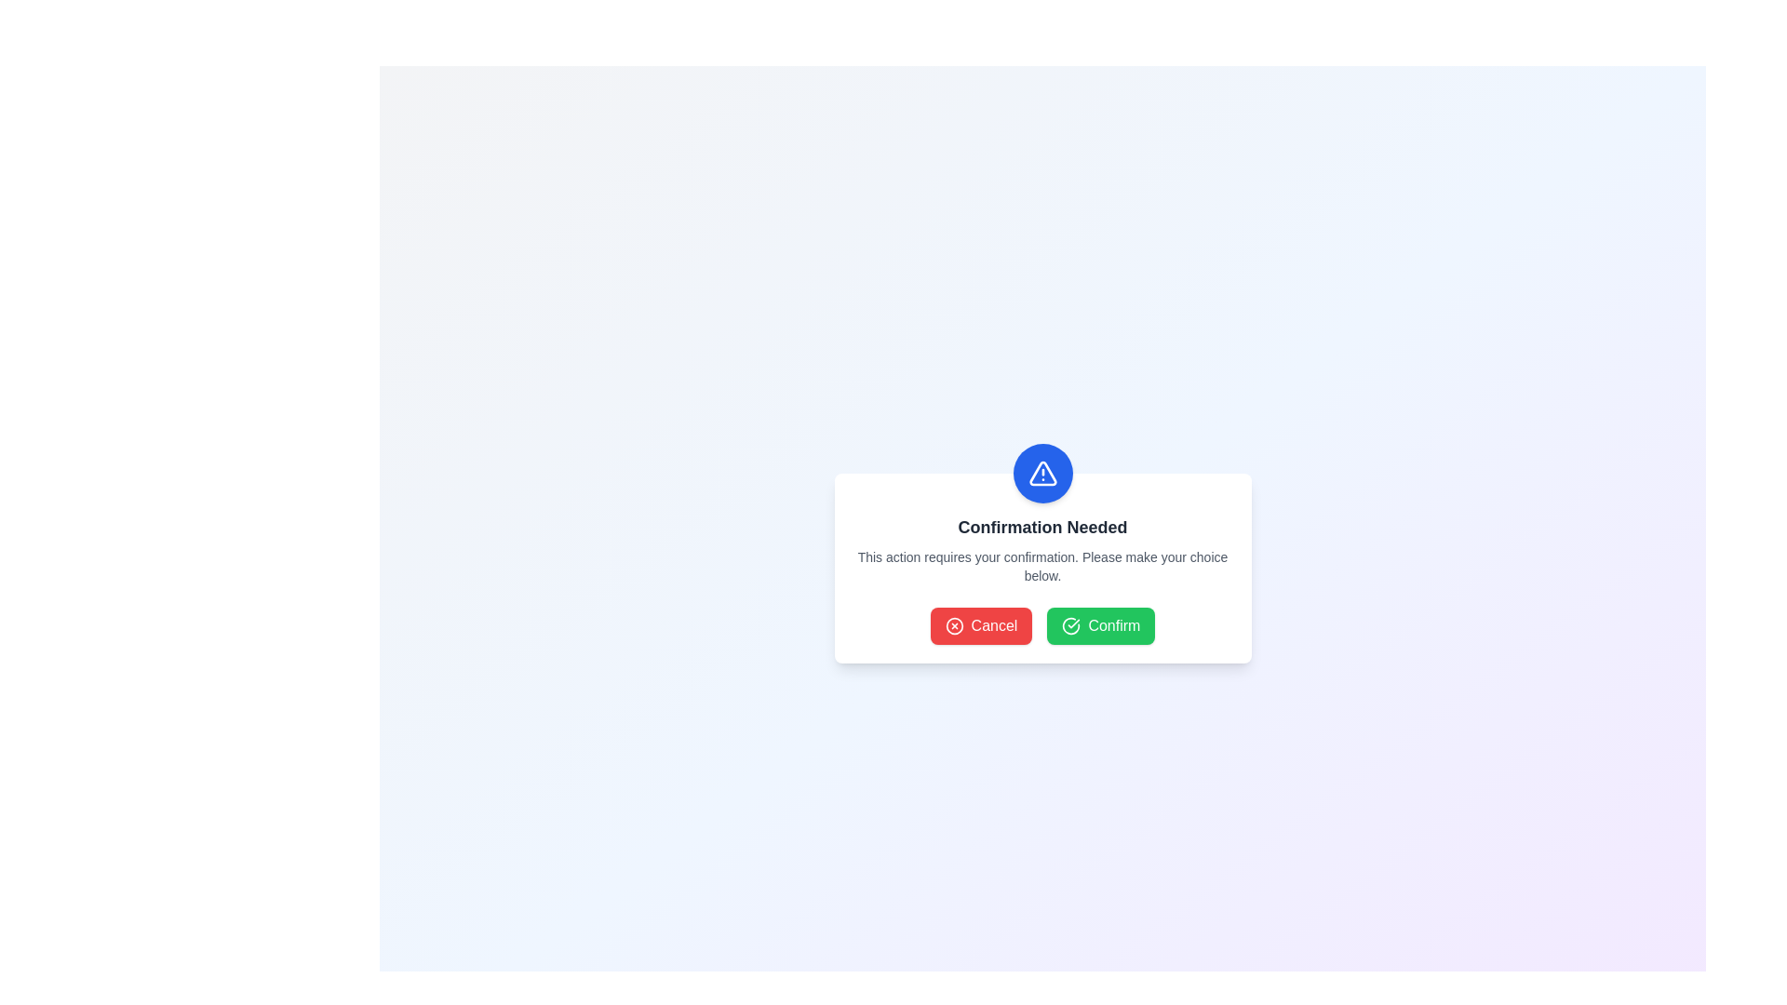 Image resolution: width=1787 pixels, height=1005 pixels. Describe the element at coordinates (980, 625) in the screenshot. I see `the red 'Cancel' button with a white 'X' icon` at that location.